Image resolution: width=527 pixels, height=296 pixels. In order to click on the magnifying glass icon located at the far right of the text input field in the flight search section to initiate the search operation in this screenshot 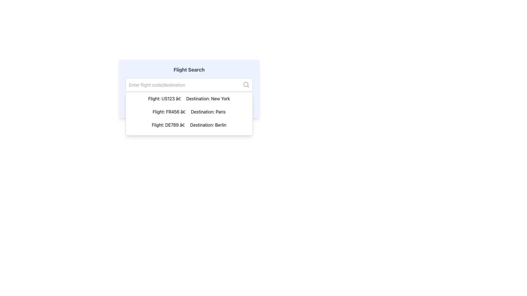, I will do `click(246, 84)`.